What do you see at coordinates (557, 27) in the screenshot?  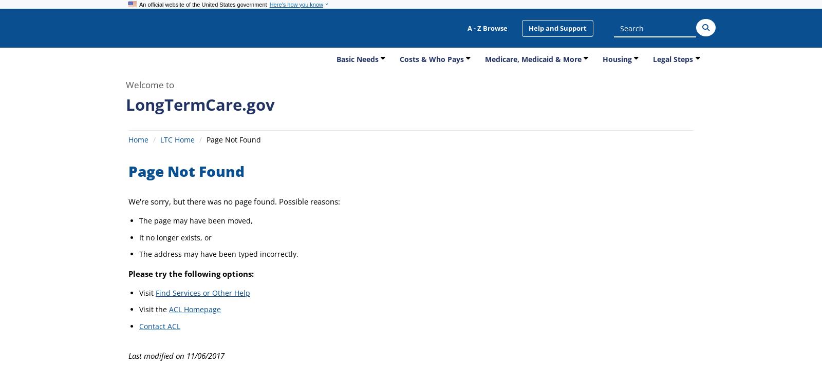 I see `'Help and Support'` at bounding box center [557, 27].